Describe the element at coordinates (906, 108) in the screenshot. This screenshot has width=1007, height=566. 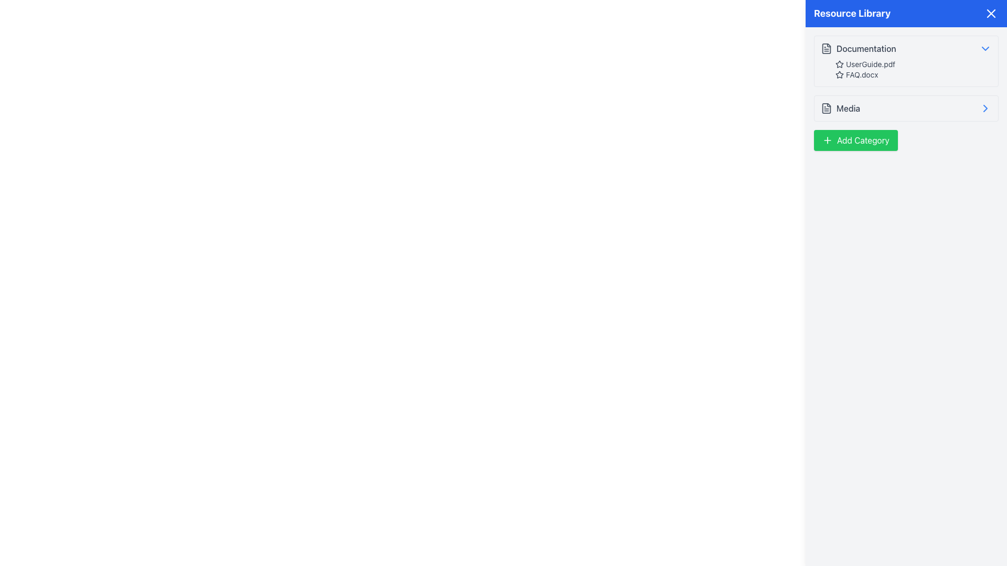
I see `the navigational item in the 'Resource Library' that leads to the 'Media' section` at that location.